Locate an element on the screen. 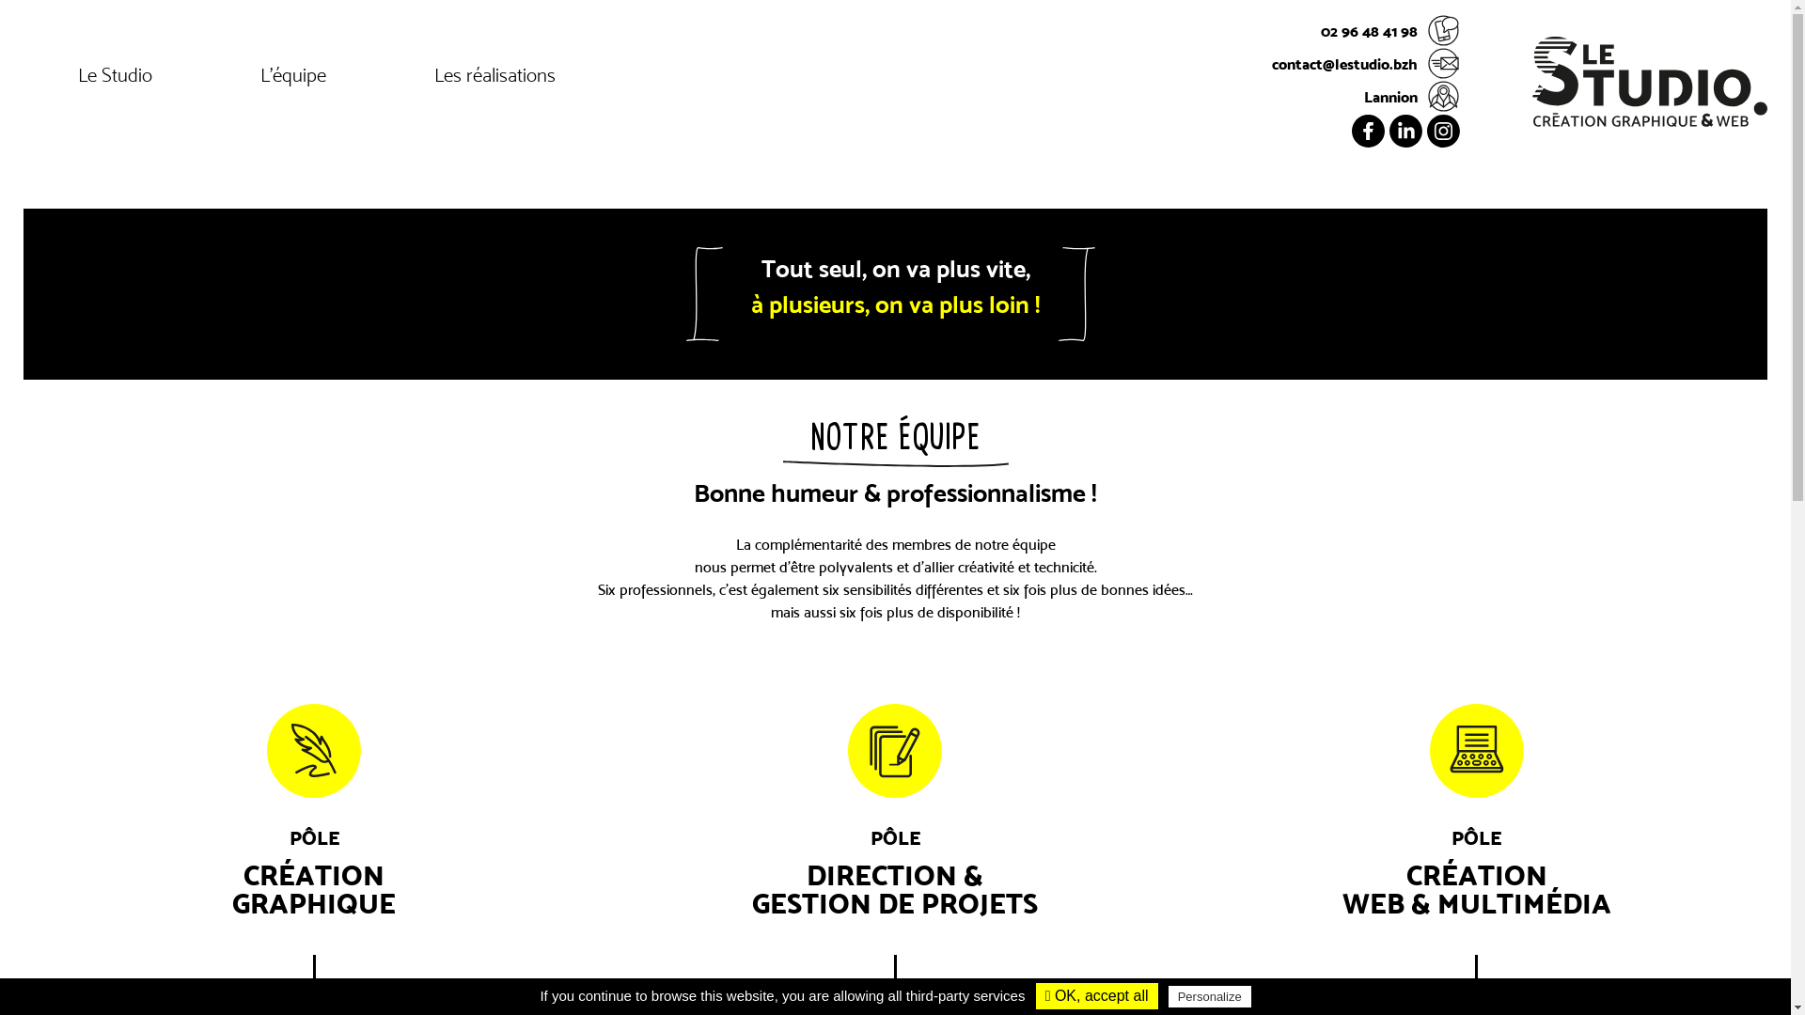 The height and width of the screenshot is (1015, 1805). '02 96 48 41 98' is located at coordinates (1366, 30).